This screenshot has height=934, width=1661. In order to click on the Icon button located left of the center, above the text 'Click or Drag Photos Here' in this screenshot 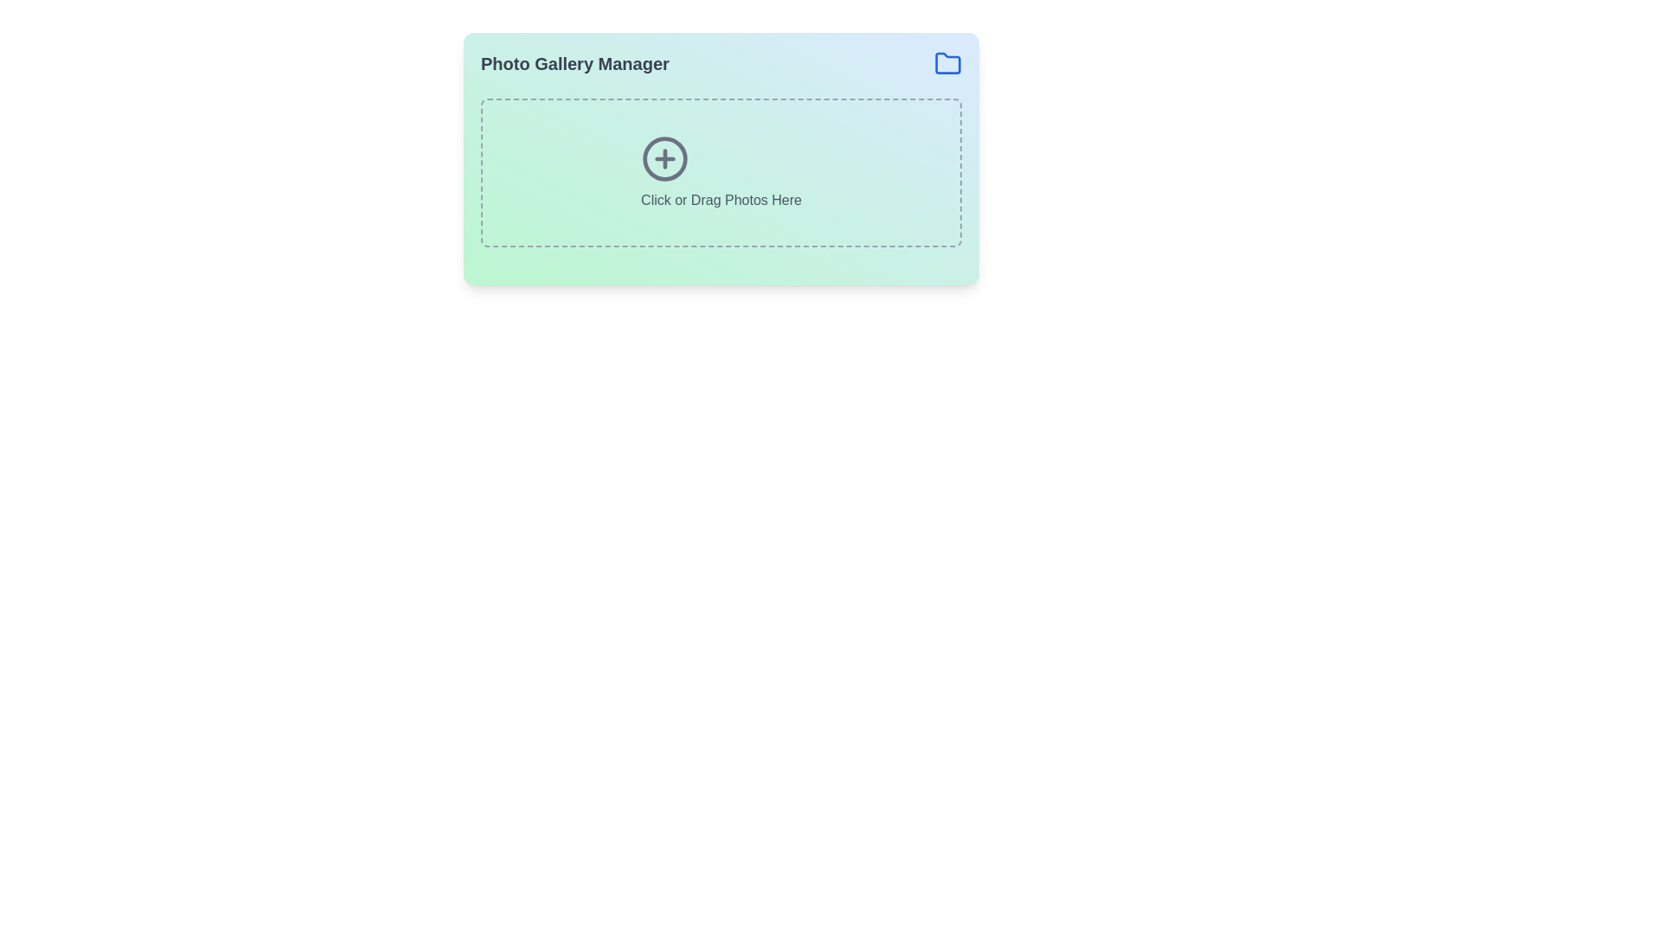, I will do `click(664, 159)`.